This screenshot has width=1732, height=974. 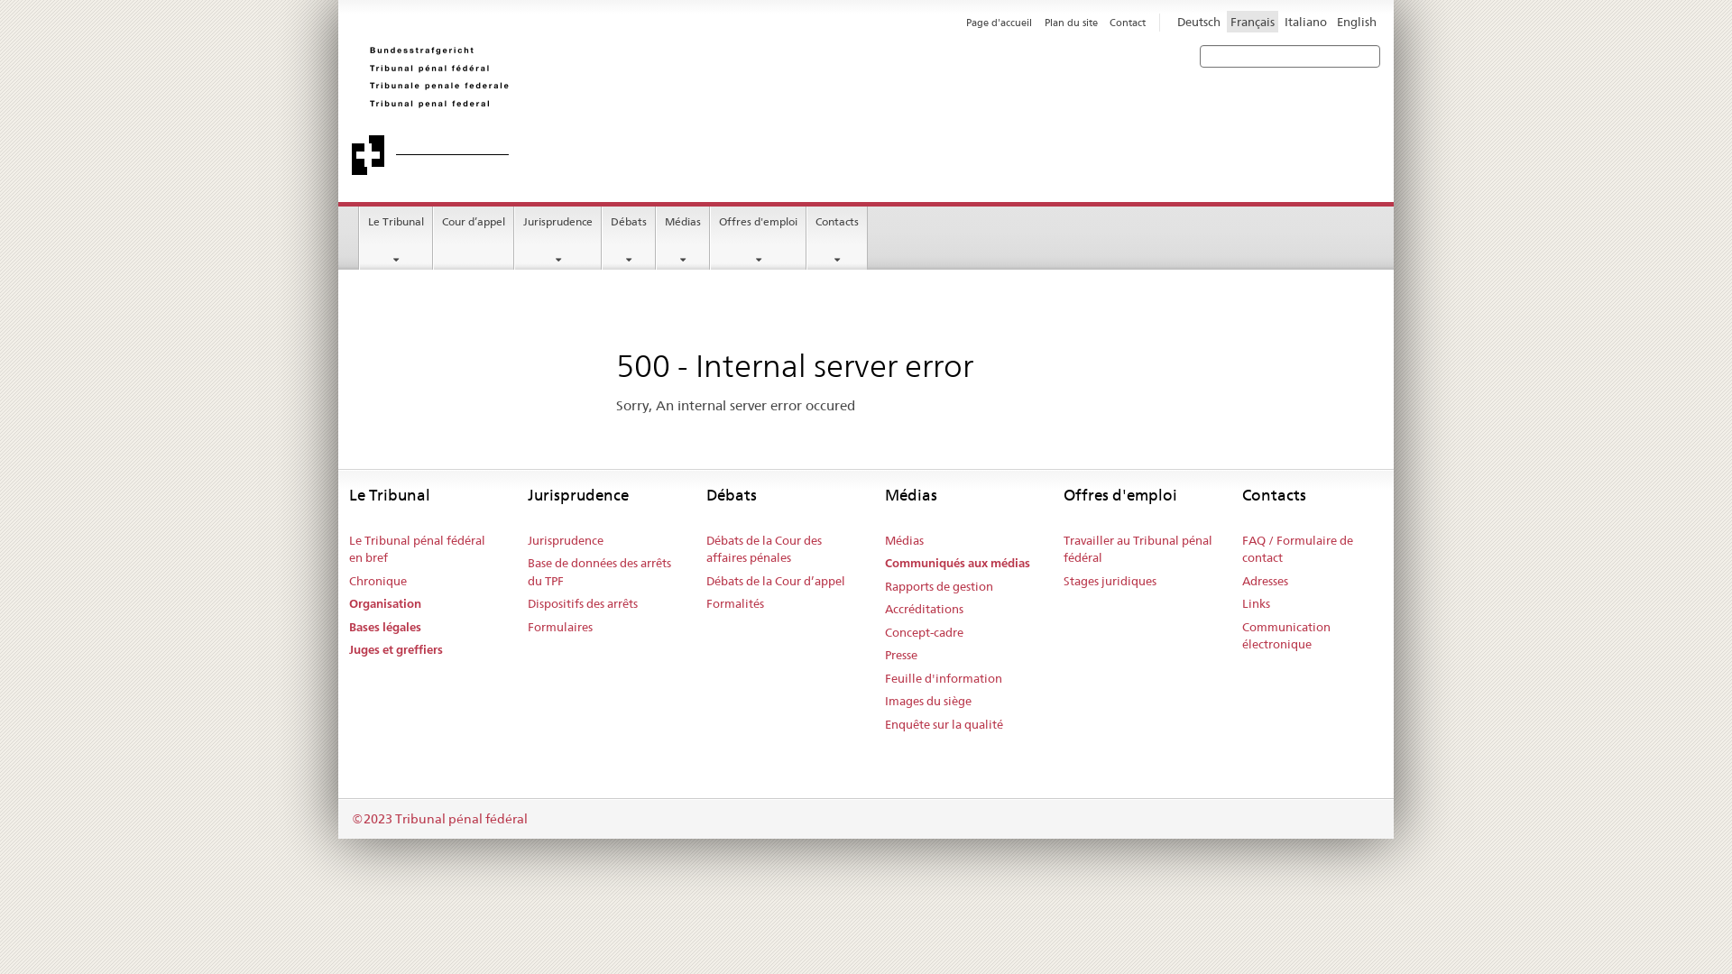 What do you see at coordinates (349, 581) in the screenshot?
I see `'Chronique'` at bounding box center [349, 581].